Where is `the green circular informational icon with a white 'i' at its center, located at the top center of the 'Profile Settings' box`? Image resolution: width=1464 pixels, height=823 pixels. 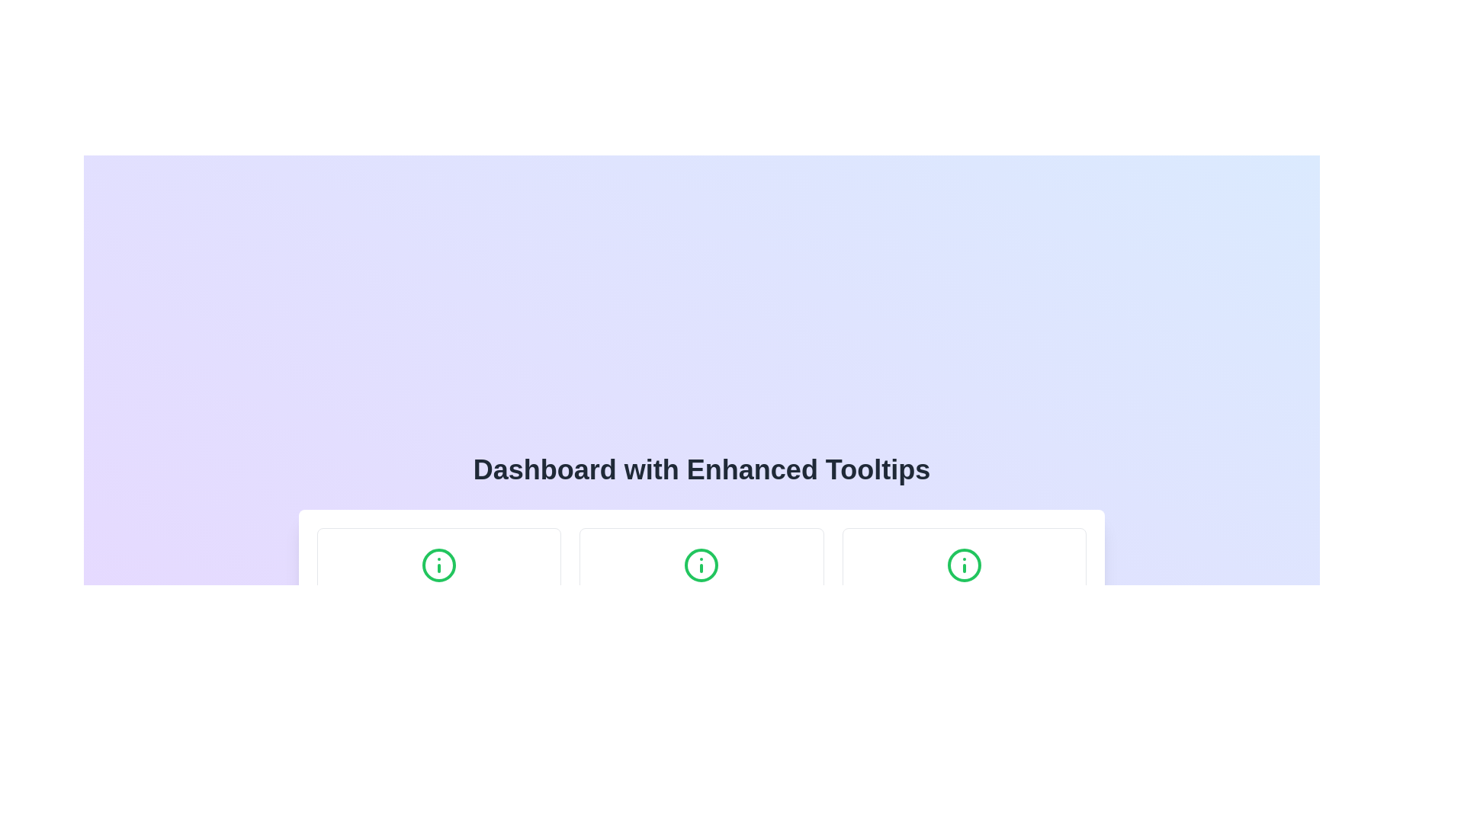
the green circular informational icon with a white 'i' at its center, located at the top center of the 'Profile Settings' box is located at coordinates (438, 565).